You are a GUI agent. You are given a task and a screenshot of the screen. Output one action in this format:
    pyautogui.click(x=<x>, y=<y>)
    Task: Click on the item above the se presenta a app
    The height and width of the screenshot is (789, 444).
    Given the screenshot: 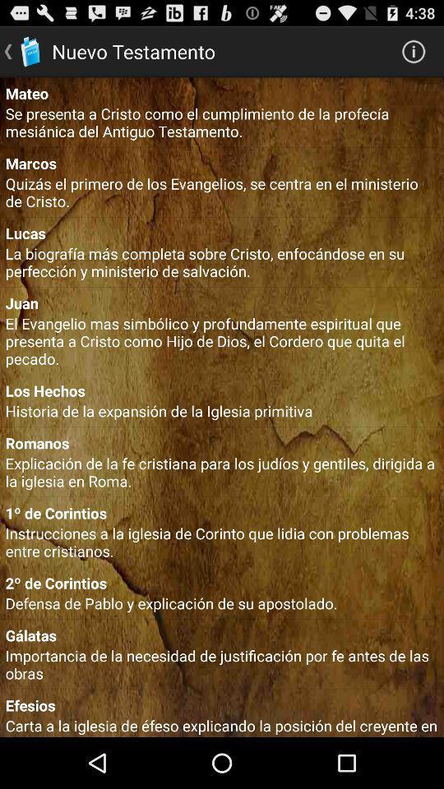 What is the action you would take?
    pyautogui.click(x=222, y=93)
    